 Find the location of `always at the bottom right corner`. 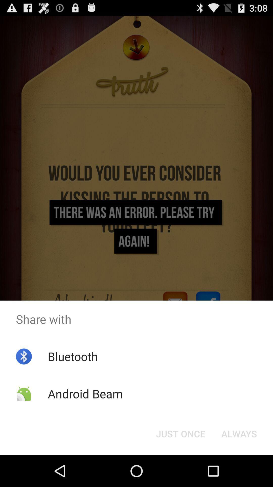

always at the bottom right corner is located at coordinates (239, 433).